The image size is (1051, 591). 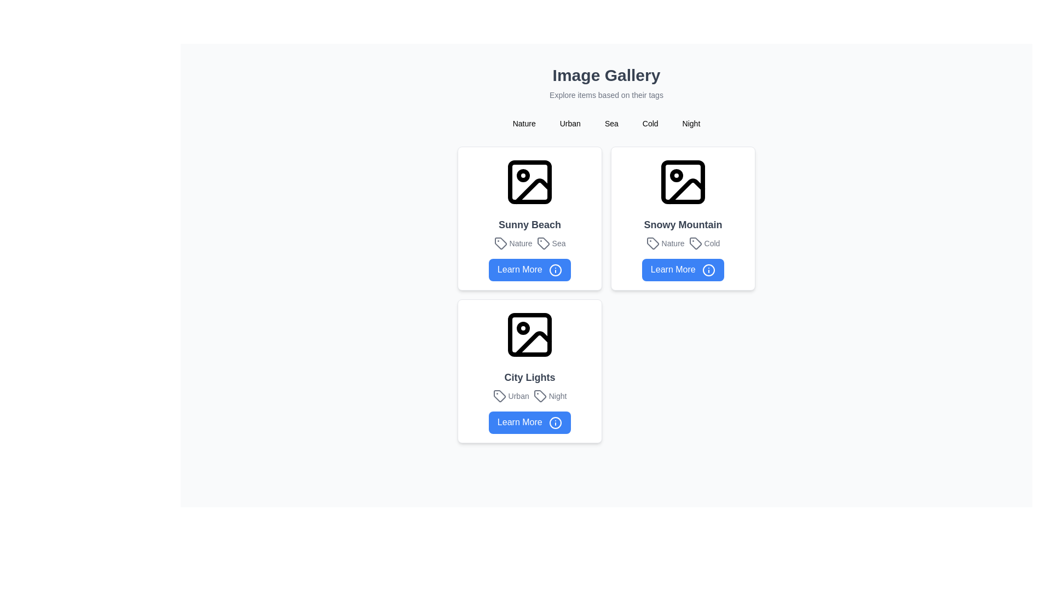 What do you see at coordinates (683, 181) in the screenshot?
I see `the decorative frame with a black border that serves as a placeholder icon in the 'Snowy Mountain' card's image gallery` at bounding box center [683, 181].